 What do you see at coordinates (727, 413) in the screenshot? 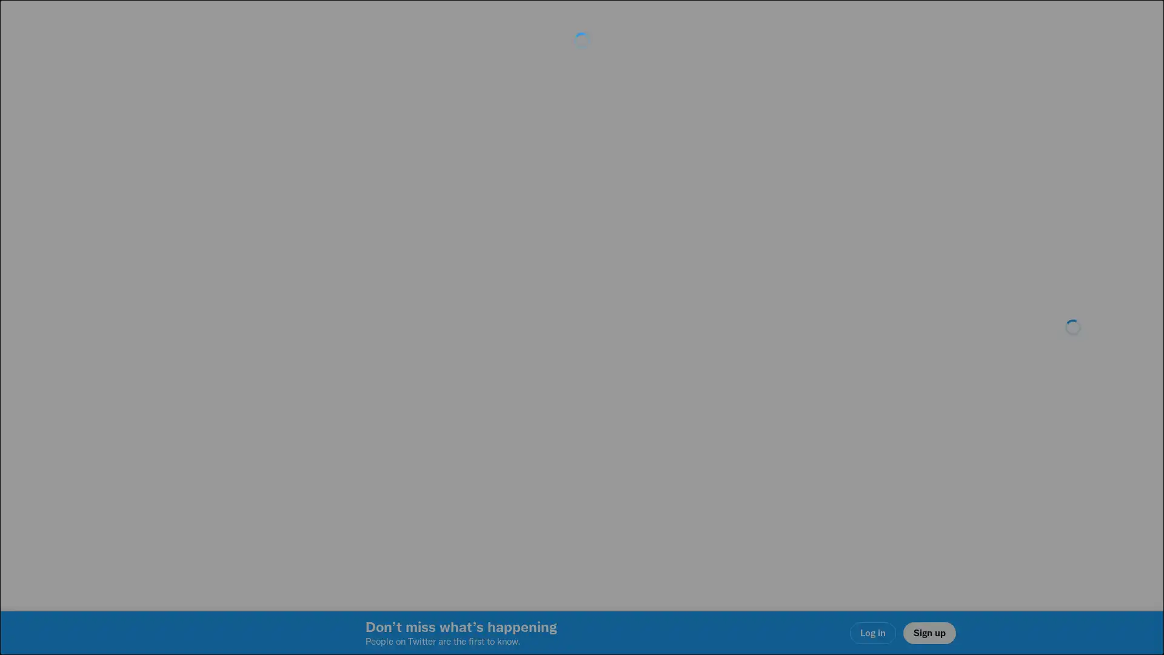
I see `Log in` at bounding box center [727, 413].